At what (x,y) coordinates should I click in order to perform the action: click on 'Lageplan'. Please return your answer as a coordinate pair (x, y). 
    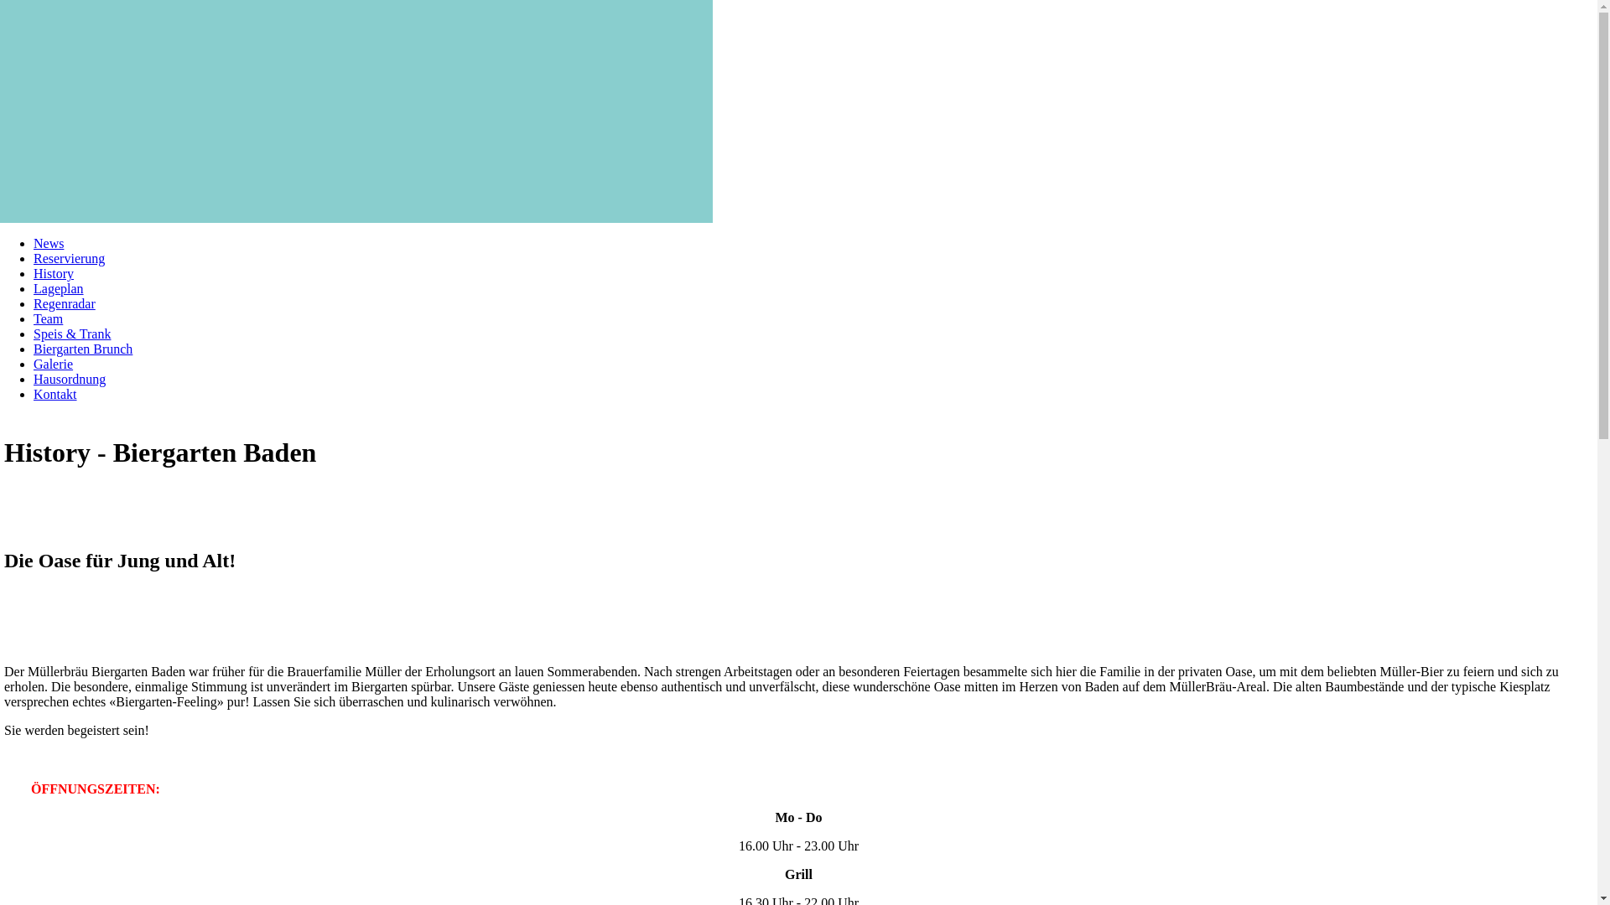
    Looking at the image, I should click on (33, 287).